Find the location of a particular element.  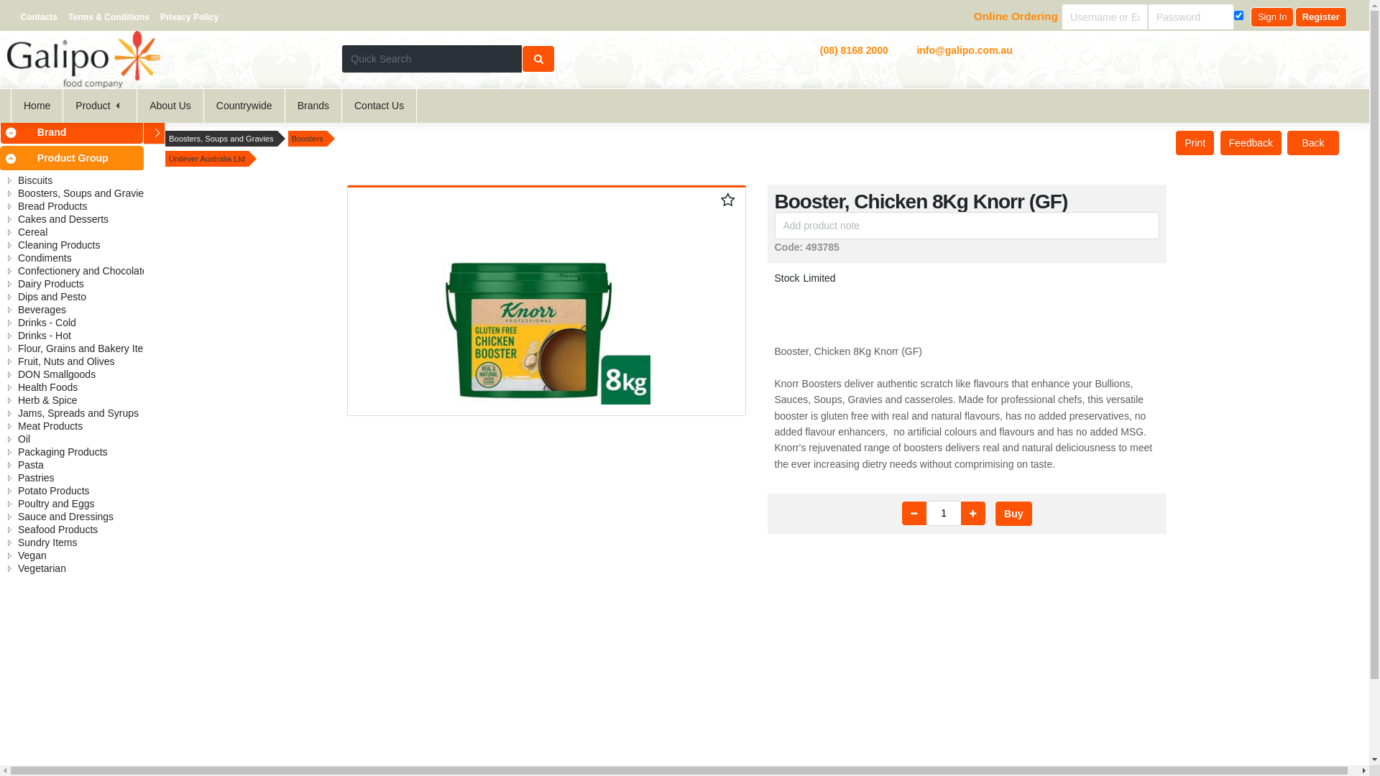

'Packaging Products' is located at coordinates (62, 451).